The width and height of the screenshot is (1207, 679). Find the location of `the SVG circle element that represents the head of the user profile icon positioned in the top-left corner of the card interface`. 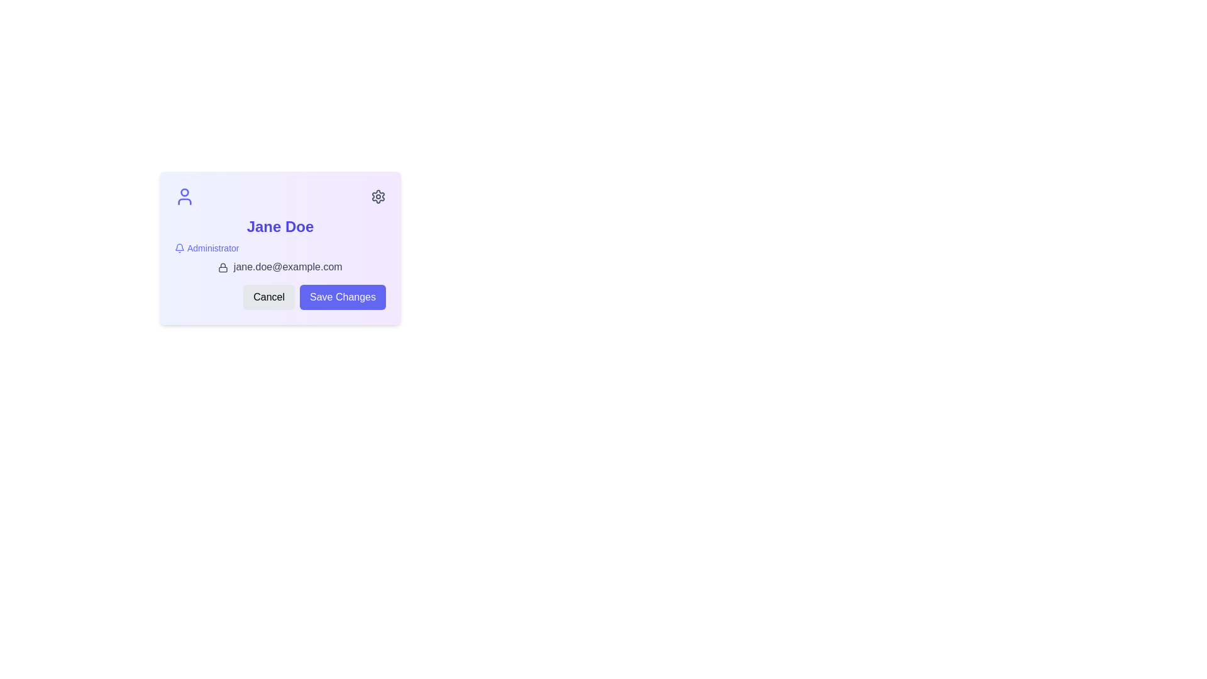

the SVG circle element that represents the head of the user profile icon positioned in the top-left corner of the card interface is located at coordinates (184, 192).